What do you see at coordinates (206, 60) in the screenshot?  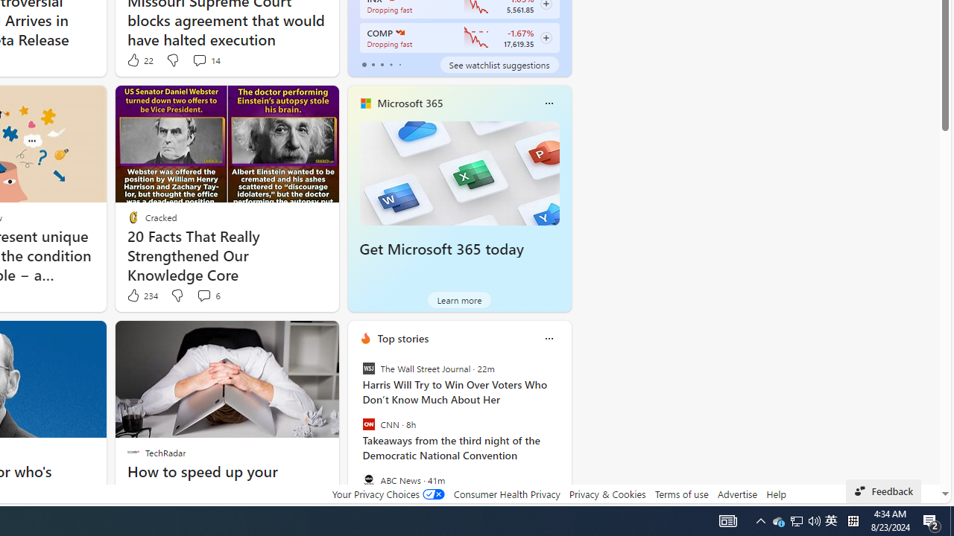 I see `'View comments 14 Comment'` at bounding box center [206, 60].